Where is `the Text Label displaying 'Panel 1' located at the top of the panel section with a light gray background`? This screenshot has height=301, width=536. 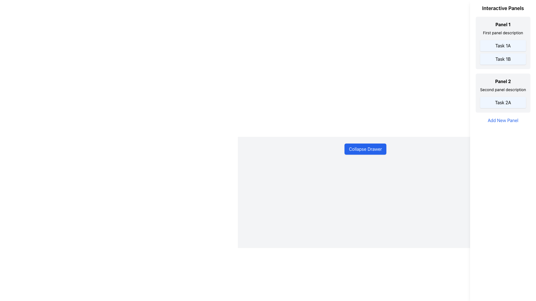
the Text Label displaying 'Panel 1' located at the top of the panel section with a light gray background is located at coordinates (503, 24).